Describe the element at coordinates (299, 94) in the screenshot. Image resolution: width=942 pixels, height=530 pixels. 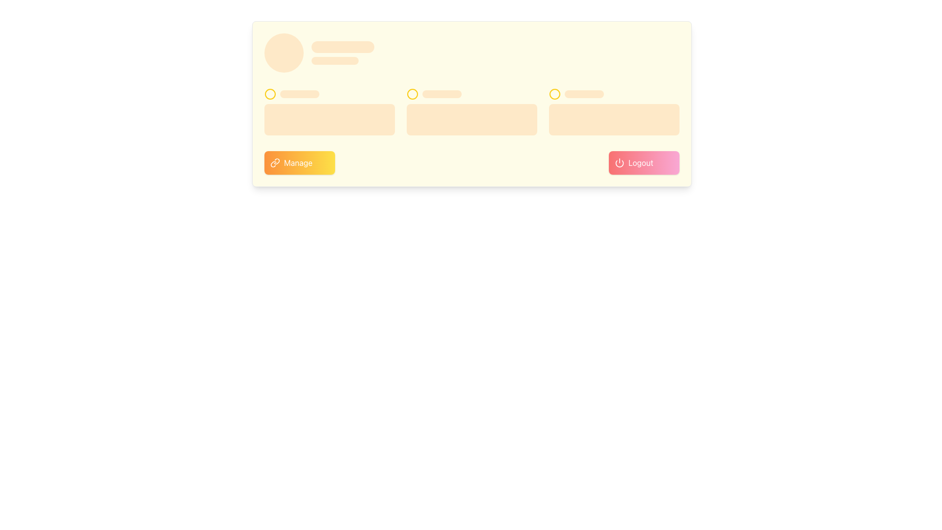
I see `the Progress Bar or Placeholder Element, which is a horizontal bar with rounded ends and a light orange background, located to the left of other similar items` at that location.